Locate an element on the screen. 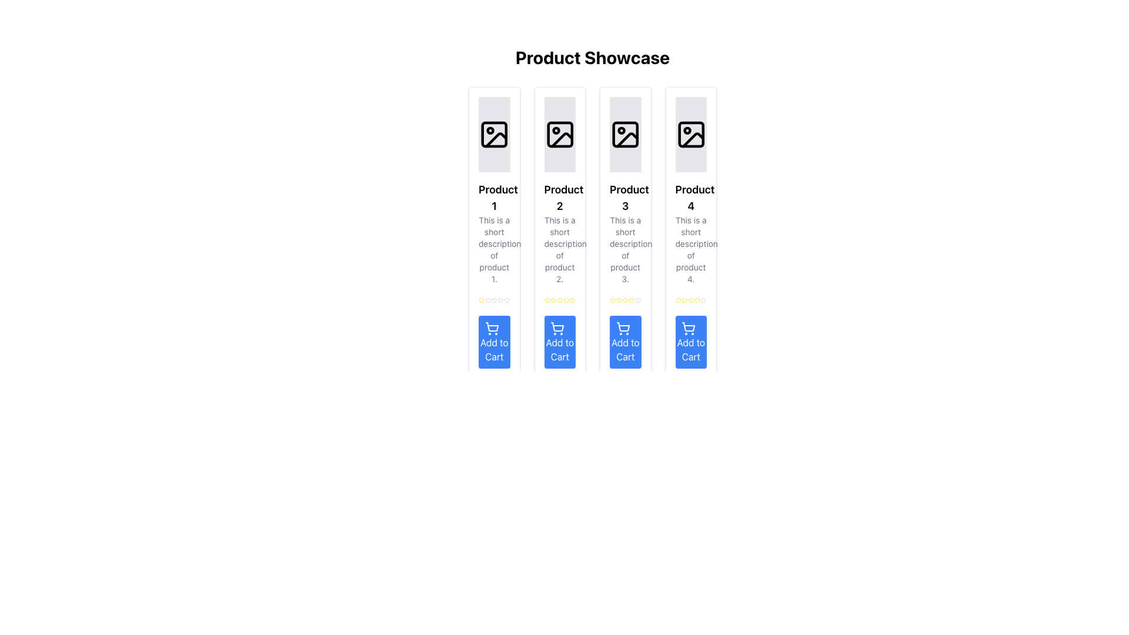 The width and height of the screenshot is (1129, 635). the image icon located at the top section of the 'Product 3' card in the grid of product cards, which is the third card in the row is located at coordinates (627, 139).